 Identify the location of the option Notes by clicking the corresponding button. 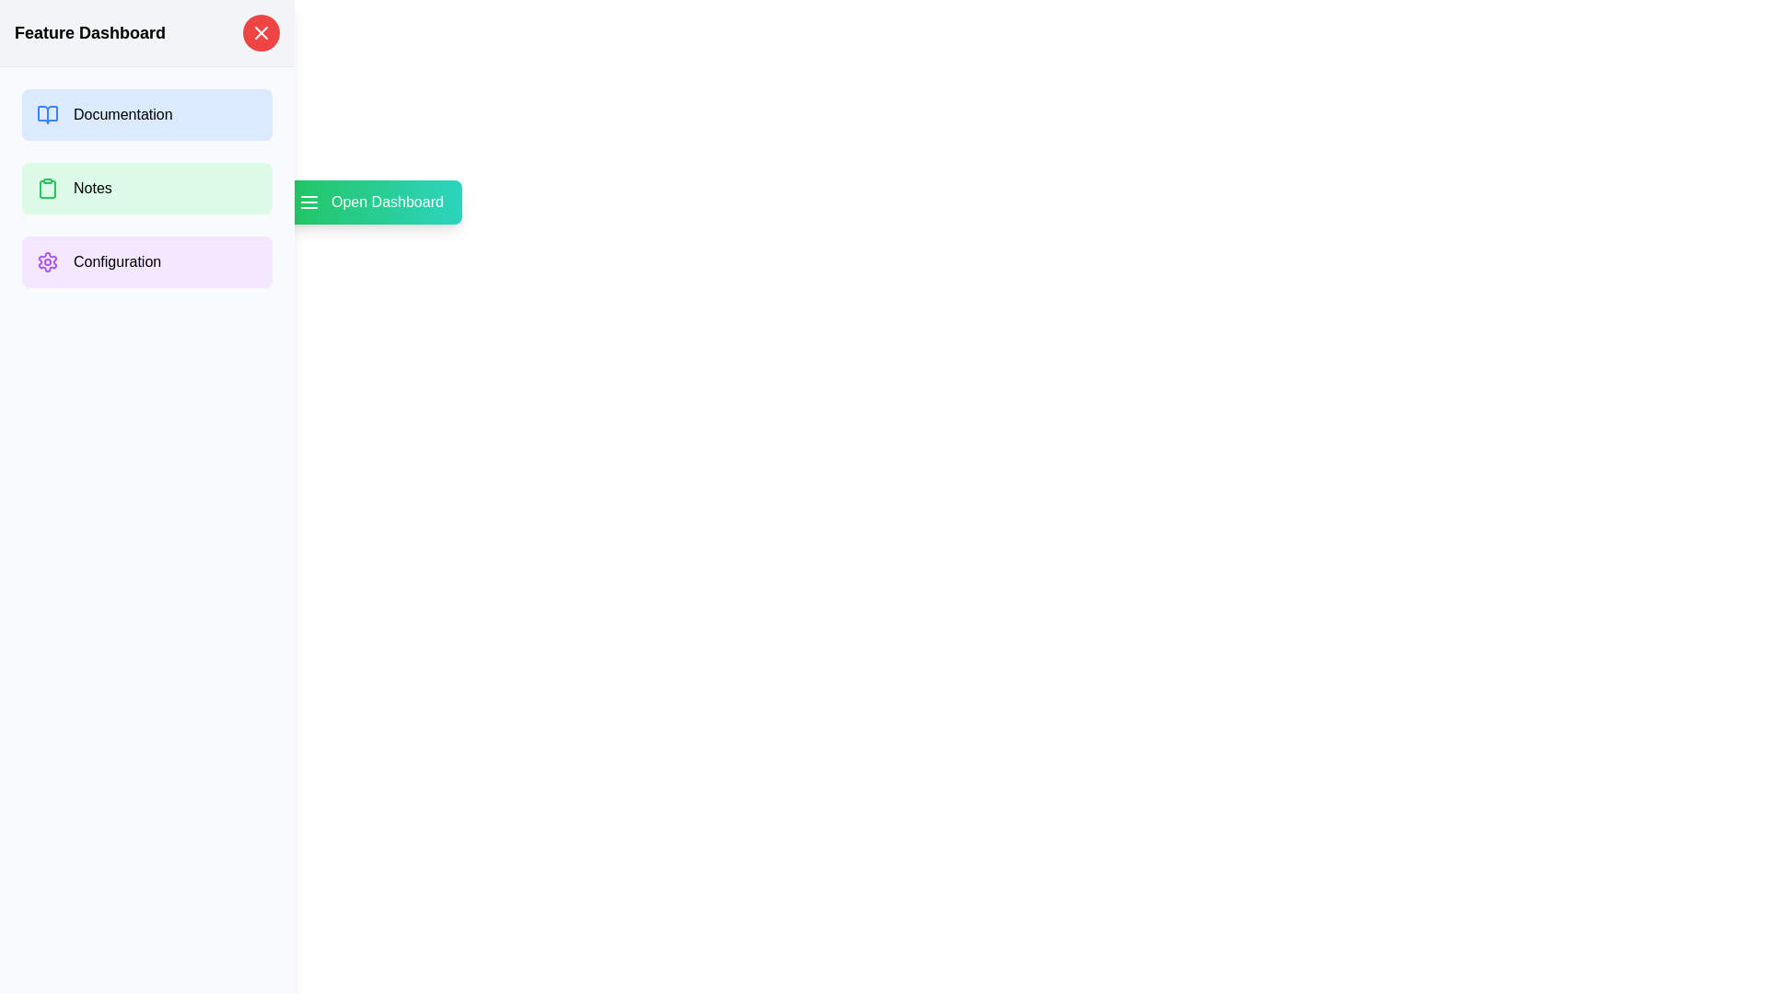
(145, 188).